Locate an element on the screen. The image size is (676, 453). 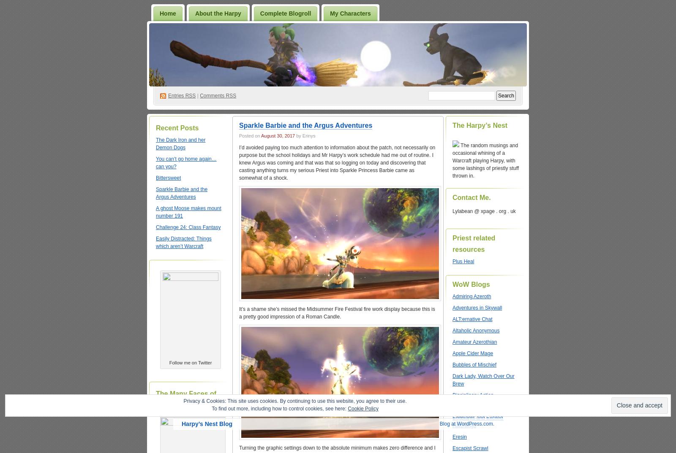
'Admiring Azeroth' is located at coordinates (472, 297).